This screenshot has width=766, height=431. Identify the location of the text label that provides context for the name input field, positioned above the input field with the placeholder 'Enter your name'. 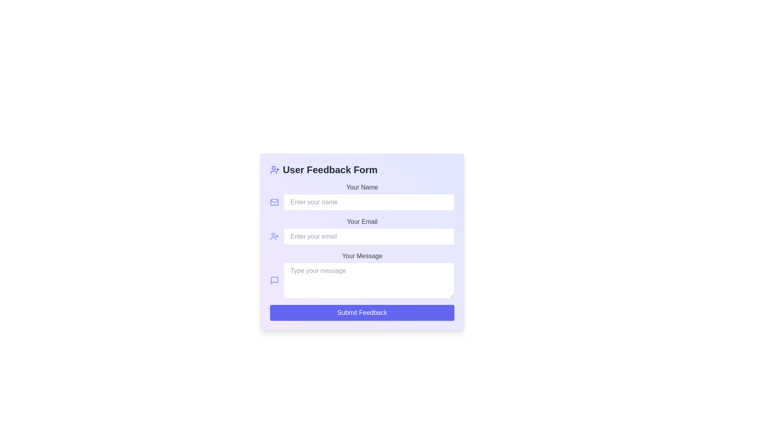
(361, 187).